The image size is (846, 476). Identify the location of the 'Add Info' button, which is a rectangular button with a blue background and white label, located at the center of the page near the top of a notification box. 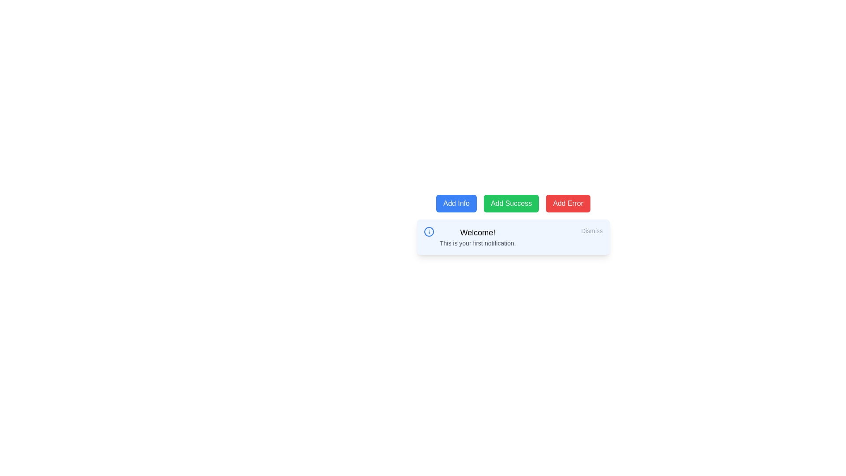
(456, 204).